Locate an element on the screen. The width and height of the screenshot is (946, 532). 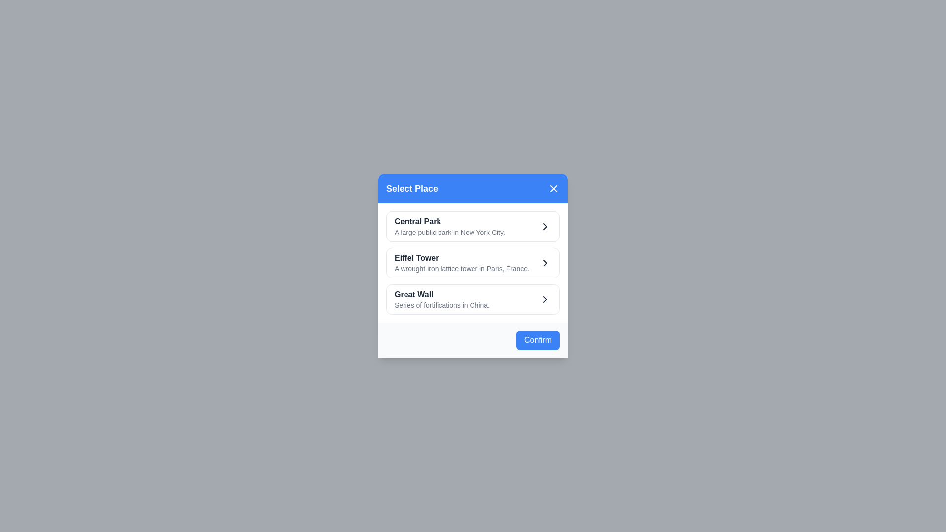
the place Eiffel Tower from the list is located at coordinates (473, 262).